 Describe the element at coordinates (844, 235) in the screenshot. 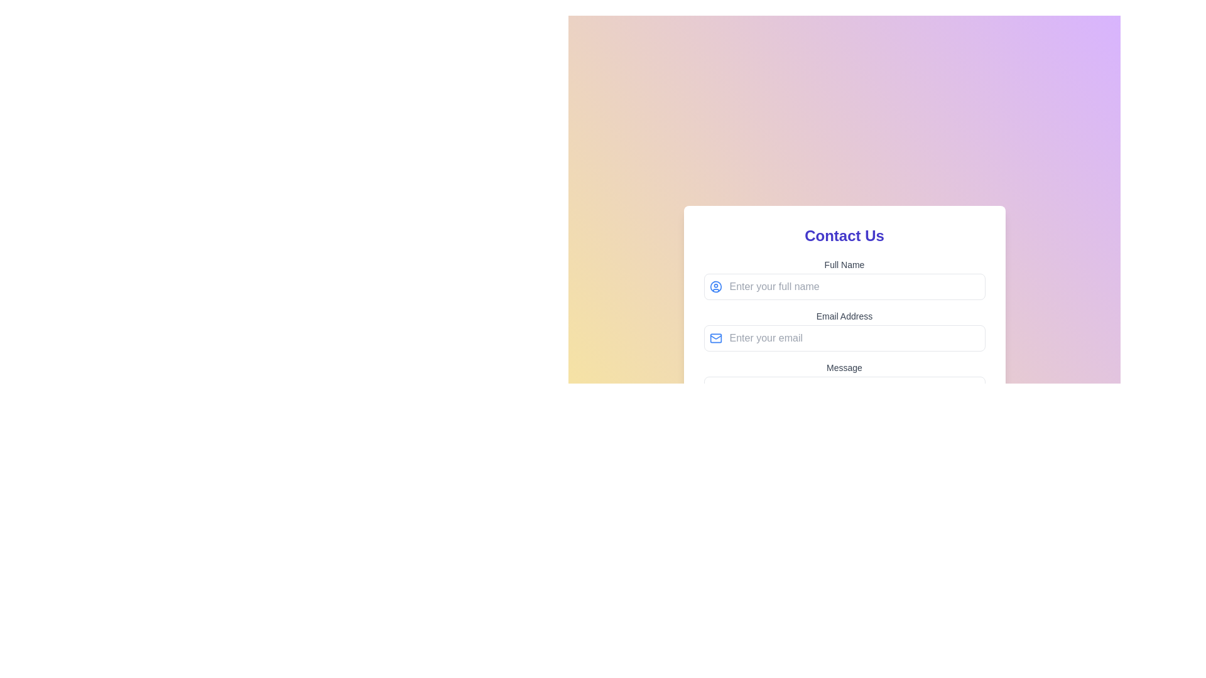

I see `the Heading text that serves as the header for the 'Contact Us' form, located at the top of the white card form` at that location.